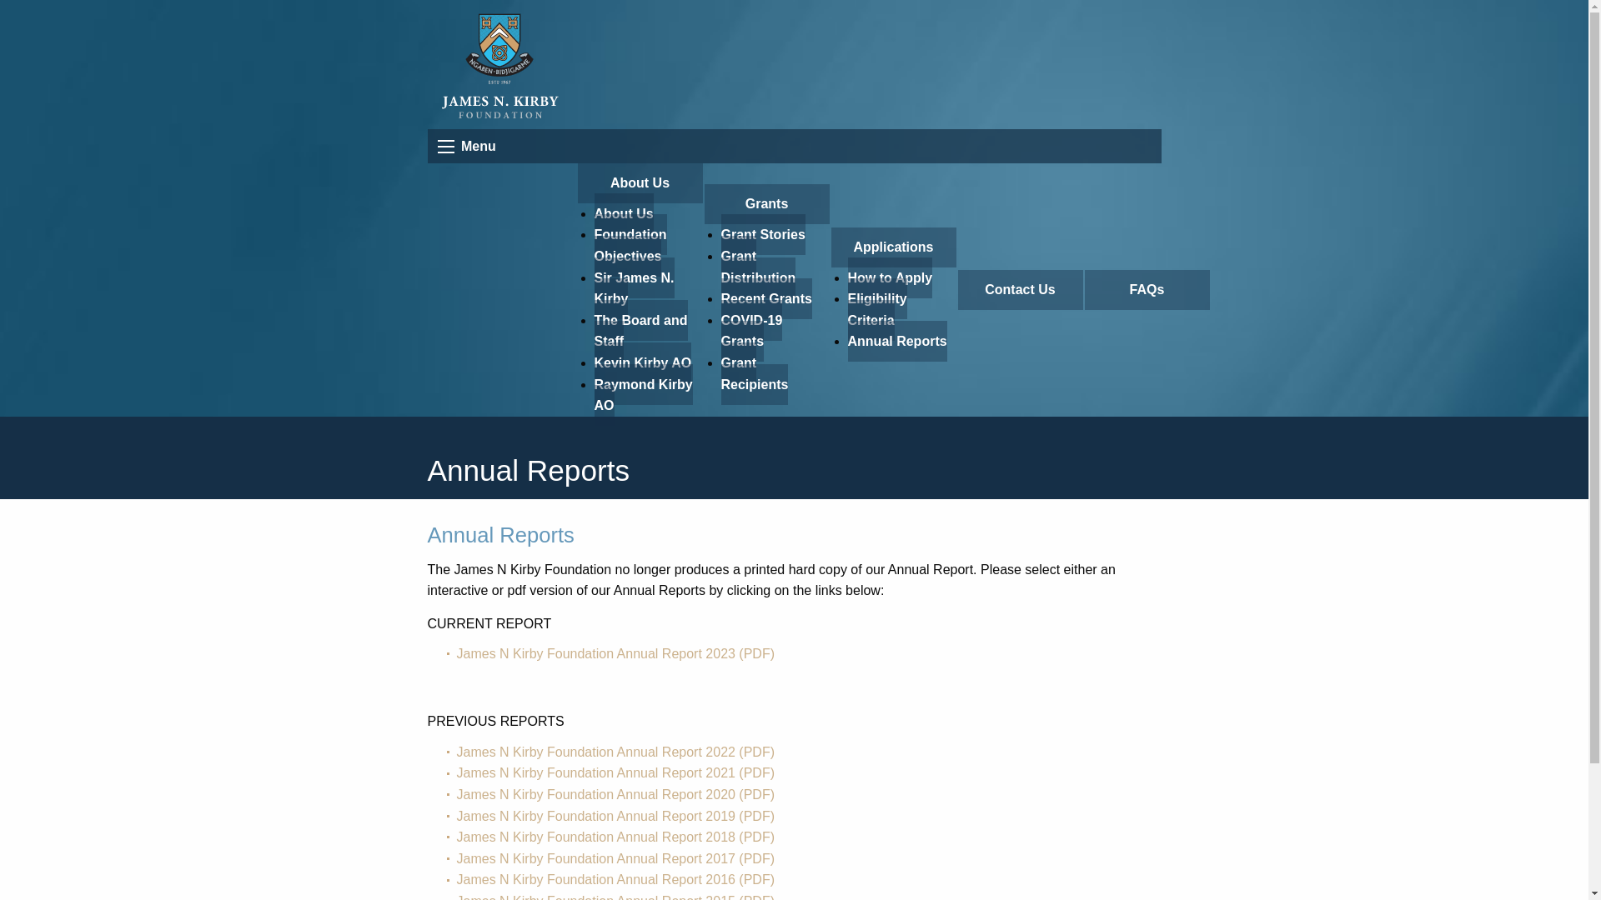 The image size is (1601, 900). Describe the element at coordinates (641, 362) in the screenshot. I see `'Kevin Kirby AO'` at that location.